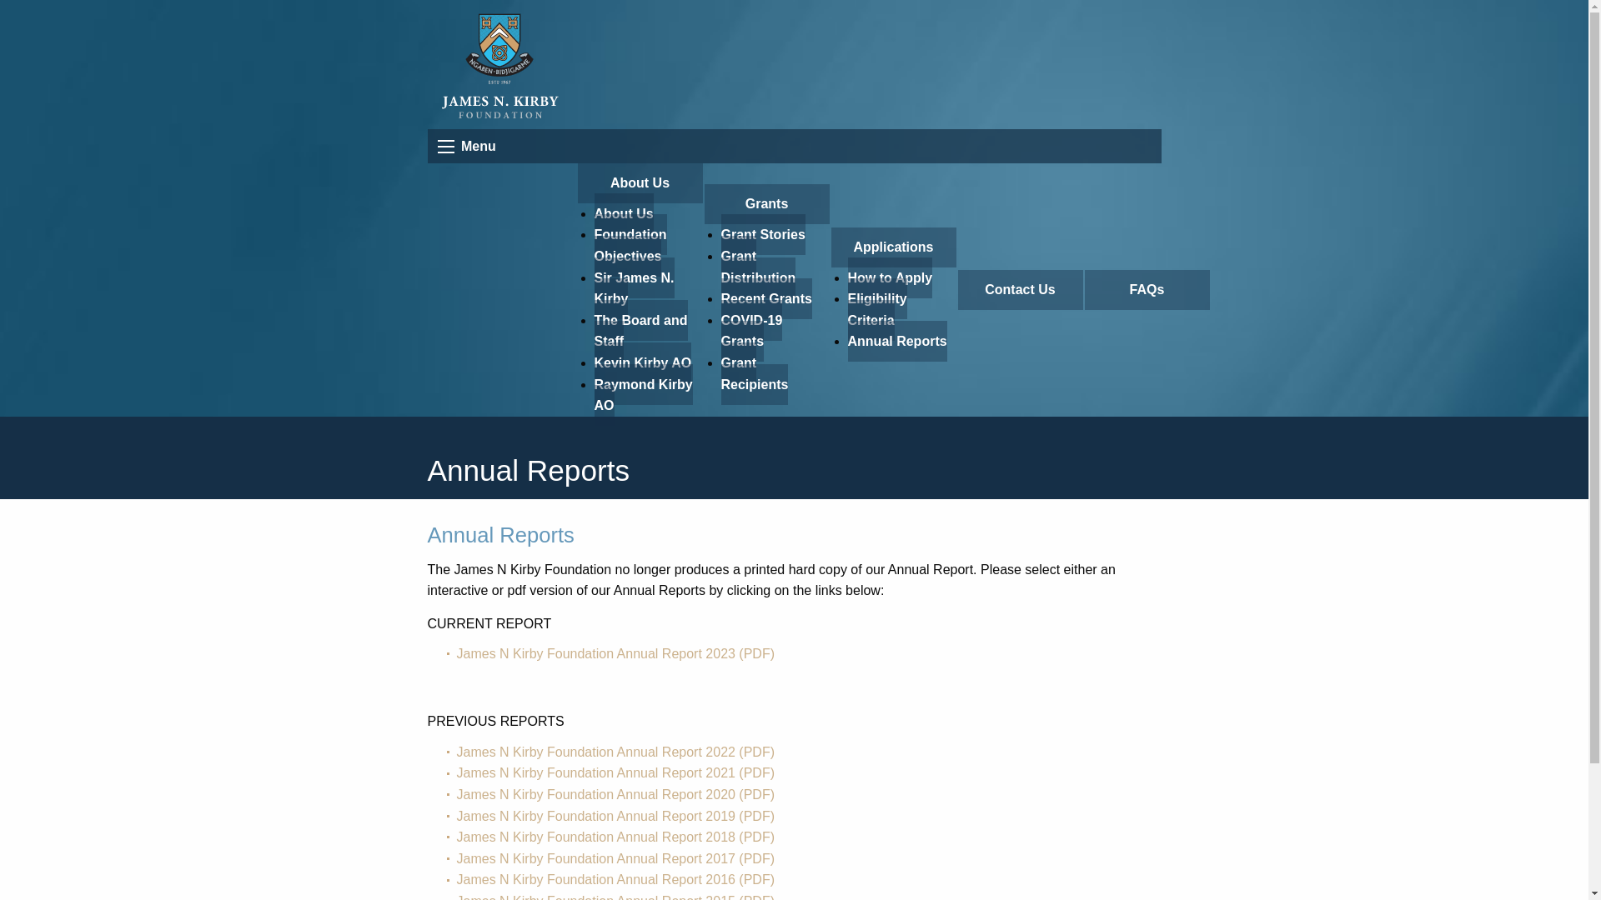 The image size is (1601, 900). Describe the element at coordinates (641, 362) in the screenshot. I see `'Kevin Kirby AO'` at that location.